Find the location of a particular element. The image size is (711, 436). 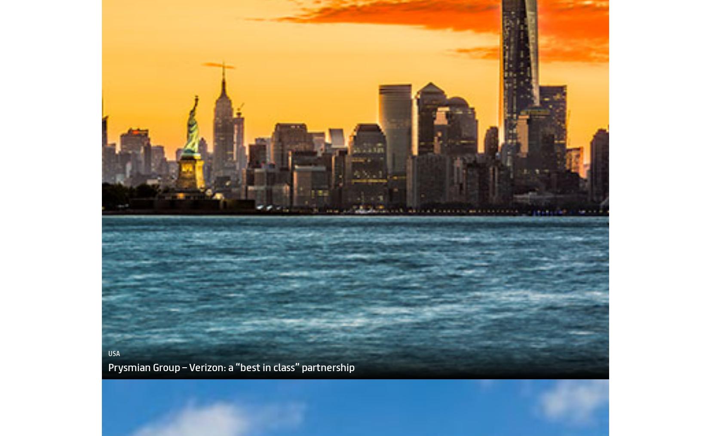

'Markets' is located at coordinates (85, 431).